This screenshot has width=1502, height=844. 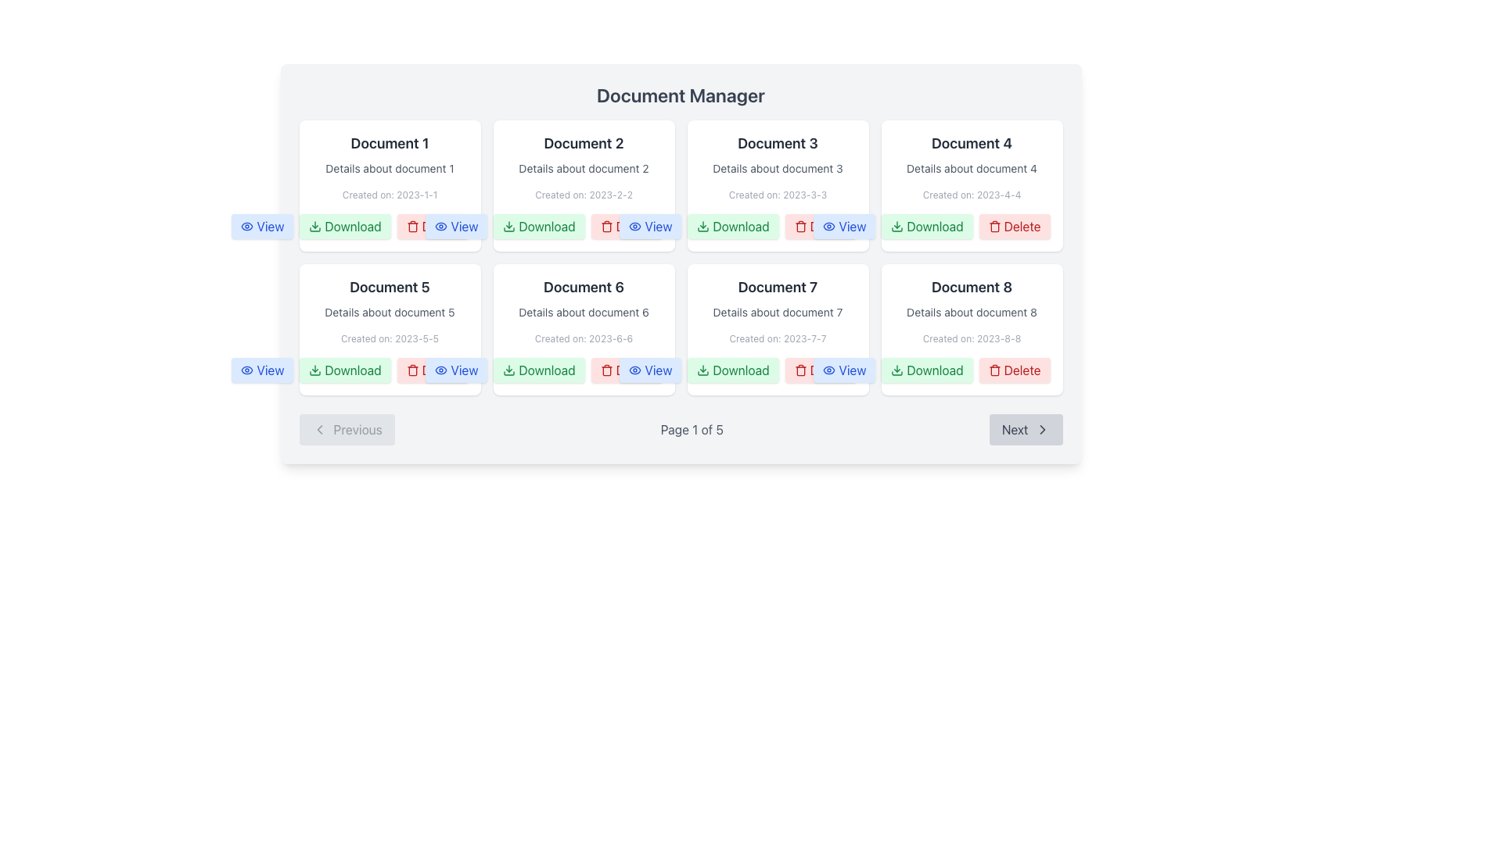 What do you see at coordinates (927, 370) in the screenshot?
I see `the 'Download' button with a green background and text, located in the options section of the 'Document 8' card` at bounding box center [927, 370].